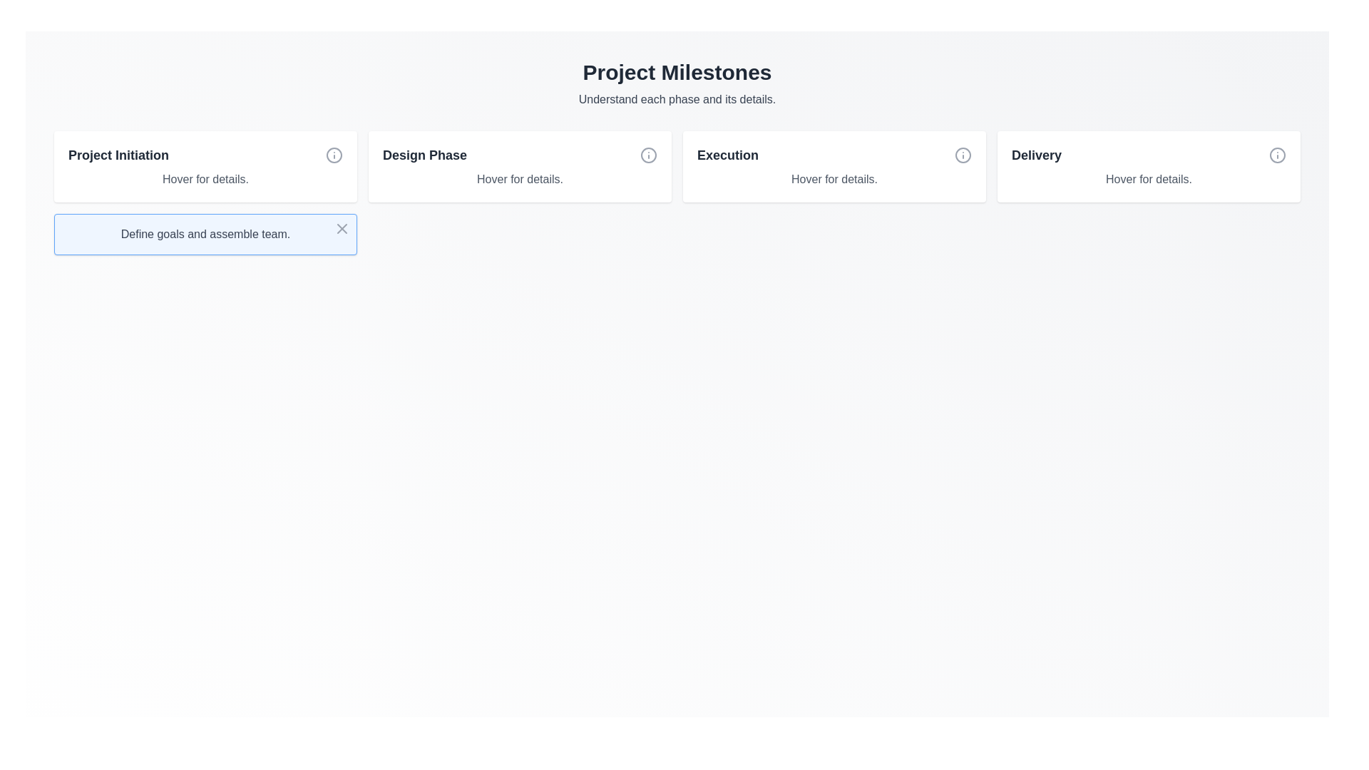 The height and width of the screenshot is (770, 1369). What do you see at coordinates (648, 155) in the screenshot?
I see `the circular shape with a light gray outline in the center of the information icon located at the top-right corner of the 'Design Phase' card` at bounding box center [648, 155].